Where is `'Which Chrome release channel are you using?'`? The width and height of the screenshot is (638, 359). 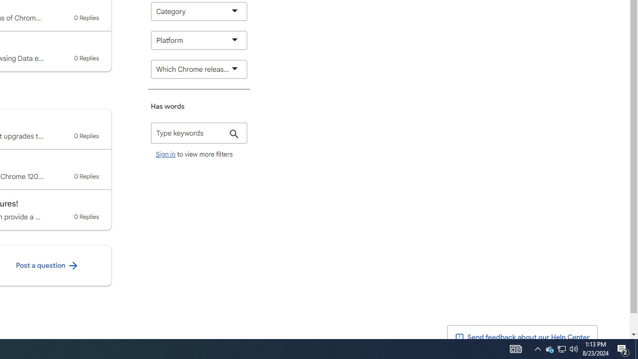
'Which Chrome release channel are you using?' is located at coordinates (199, 68).